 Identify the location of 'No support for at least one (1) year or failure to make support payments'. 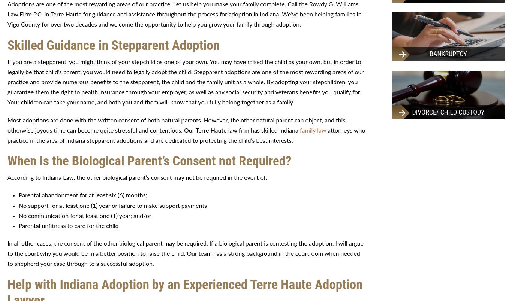
(18, 205).